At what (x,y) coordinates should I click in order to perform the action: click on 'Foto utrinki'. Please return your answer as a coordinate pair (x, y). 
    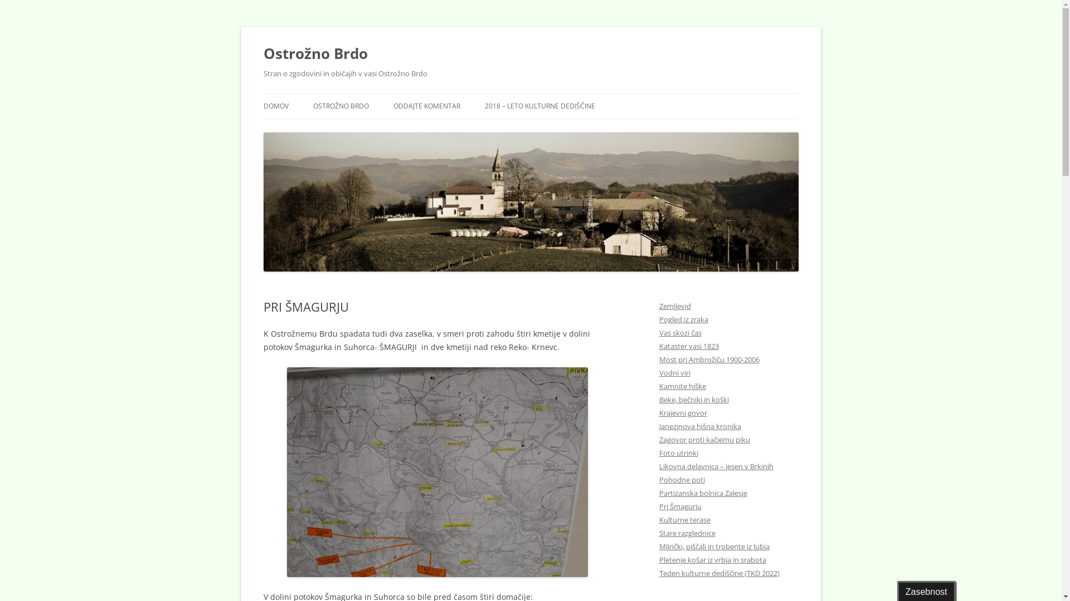
    Looking at the image, I should click on (678, 452).